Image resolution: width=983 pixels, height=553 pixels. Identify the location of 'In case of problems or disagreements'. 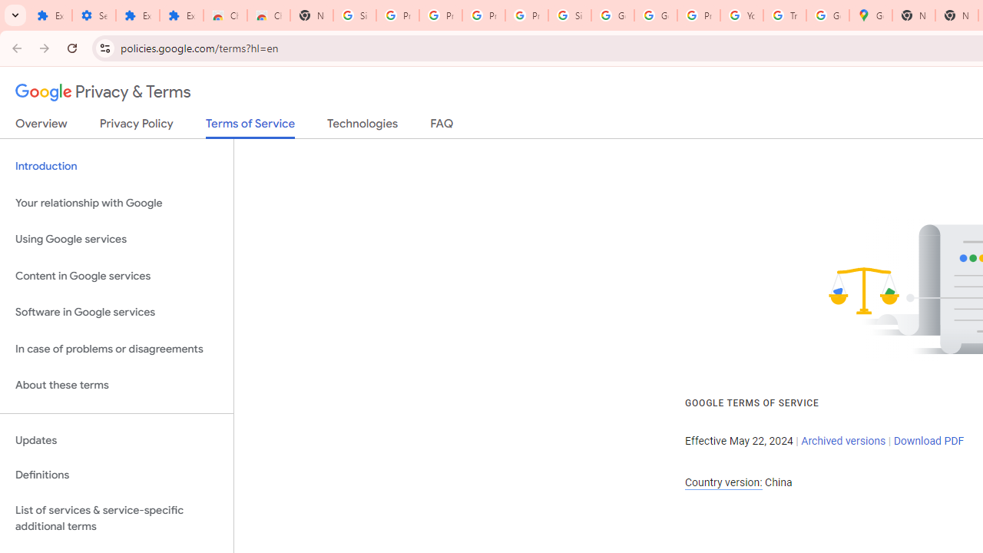
(116, 349).